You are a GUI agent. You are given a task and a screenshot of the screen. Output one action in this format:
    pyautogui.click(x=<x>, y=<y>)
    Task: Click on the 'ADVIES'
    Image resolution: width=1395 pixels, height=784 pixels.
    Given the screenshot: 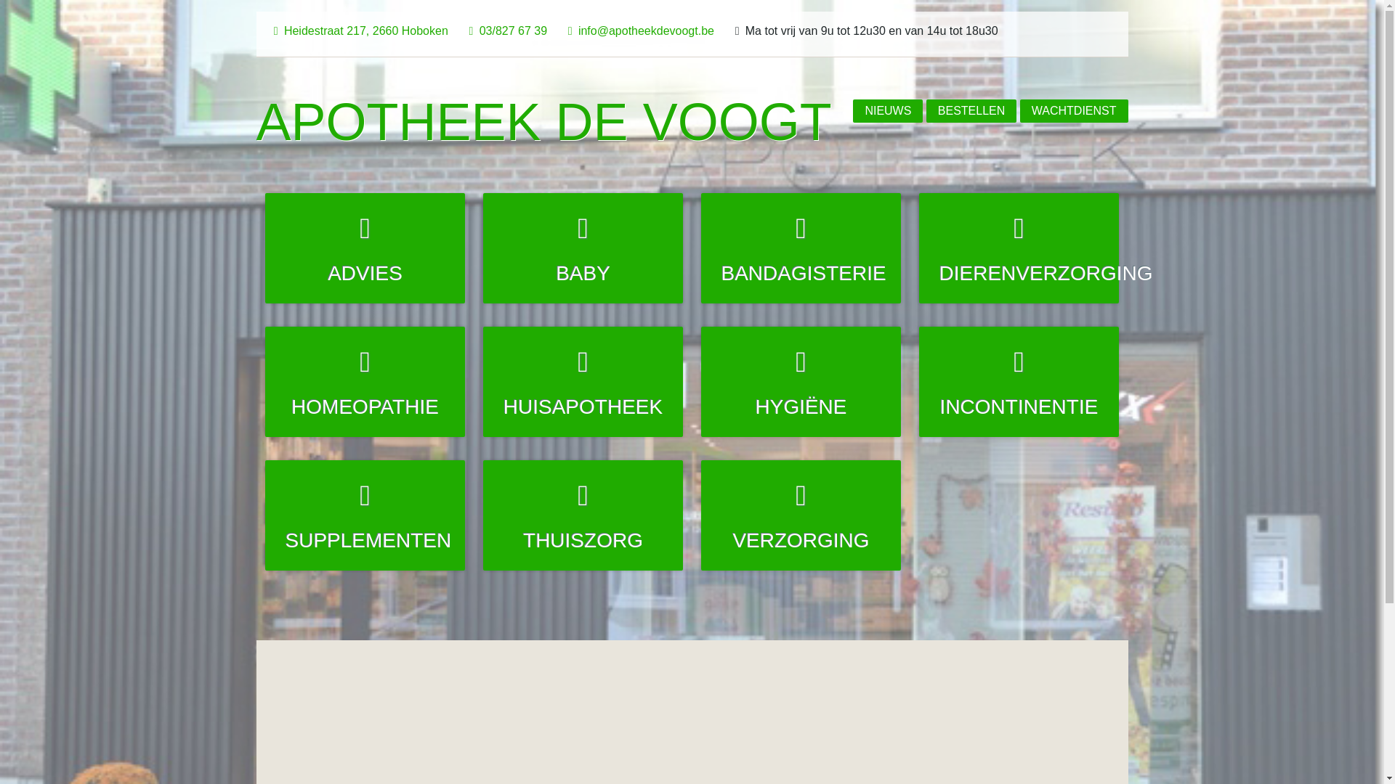 What is the action you would take?
    pyautogui.click(x=264, y=248)
    